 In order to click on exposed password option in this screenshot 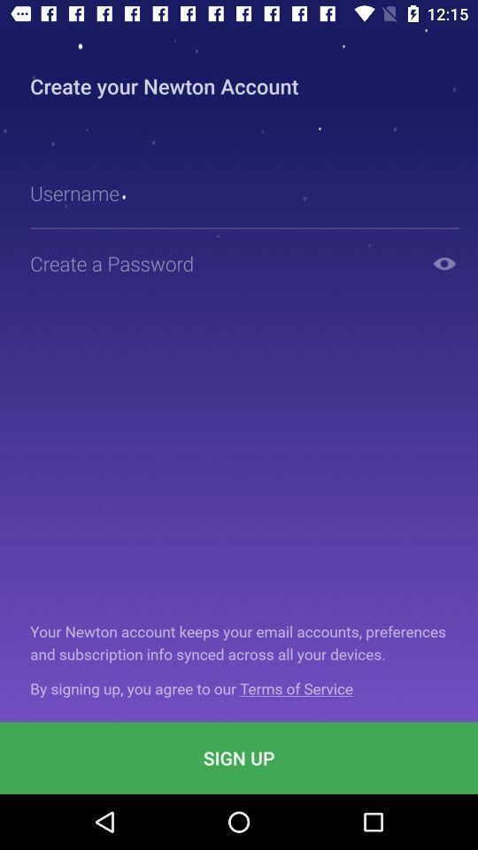, I will do `click(443, 262)`.